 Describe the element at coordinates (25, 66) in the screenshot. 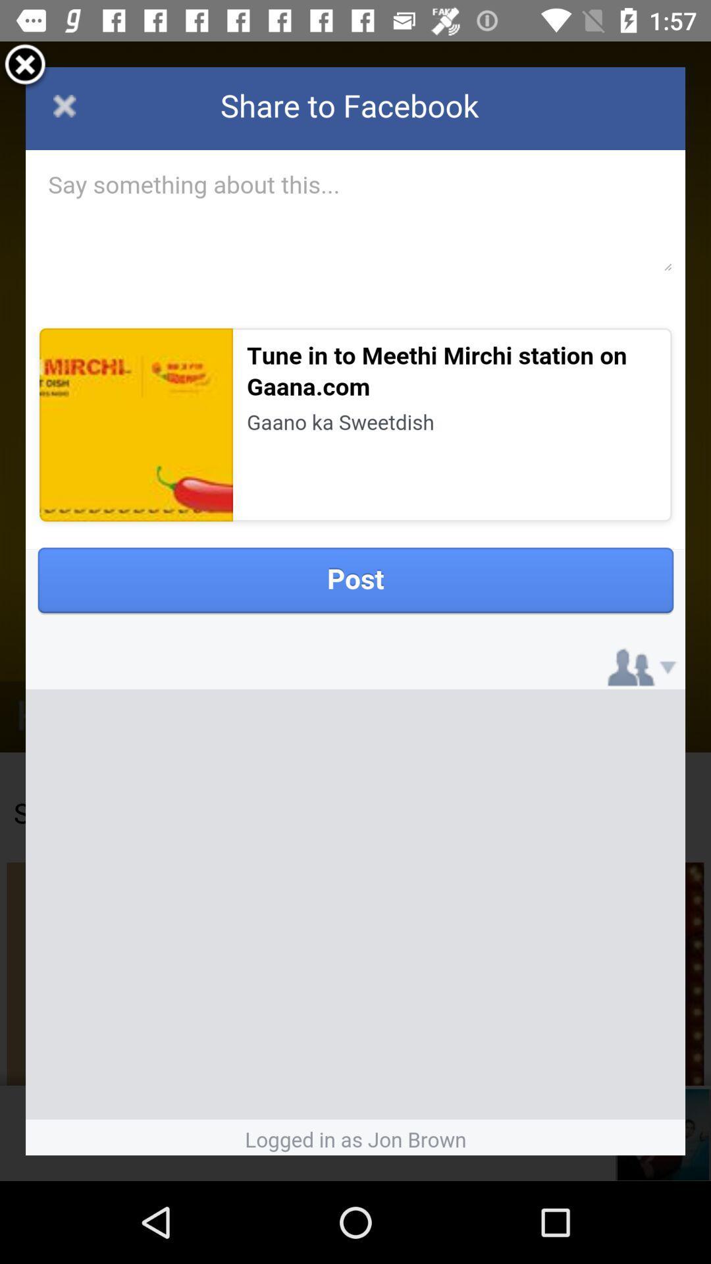

I see `window` at that location.